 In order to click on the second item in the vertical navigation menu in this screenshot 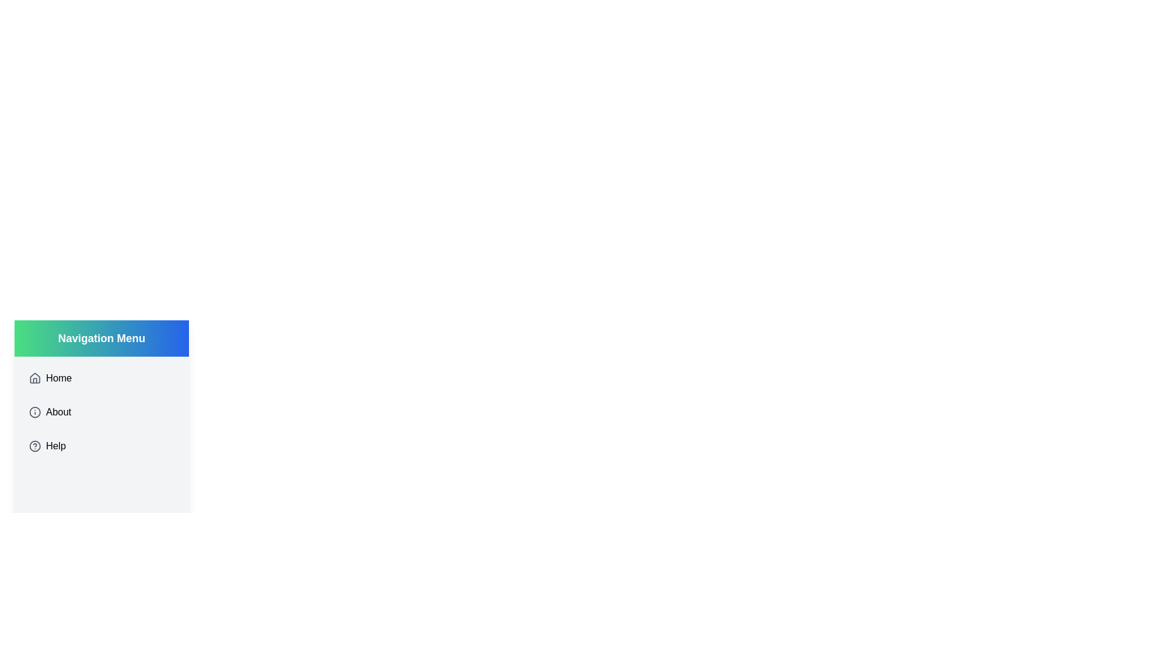, I will do `click(102, 412)`.